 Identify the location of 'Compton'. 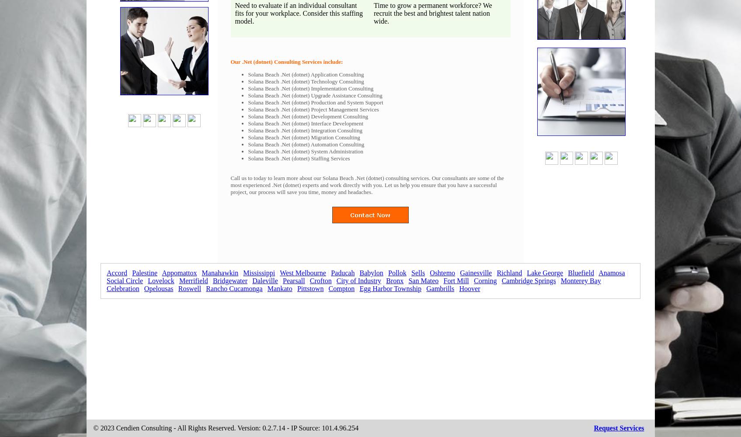
(341, 288).